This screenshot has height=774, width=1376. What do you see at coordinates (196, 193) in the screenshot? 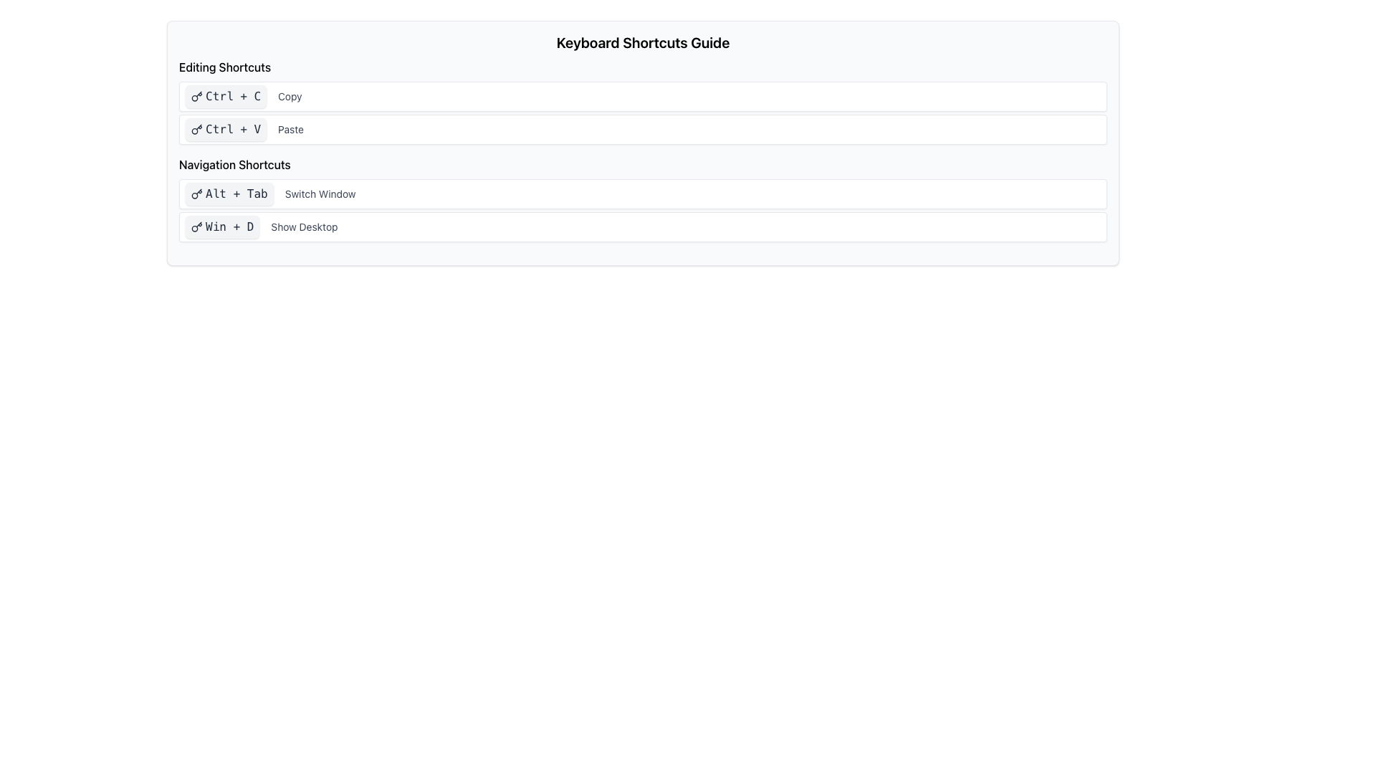
I see `the small key icon located to the left of the text 'Alt + Tab' in the 'Navigation Shortcuts' section` at bounding box center [196, 193].